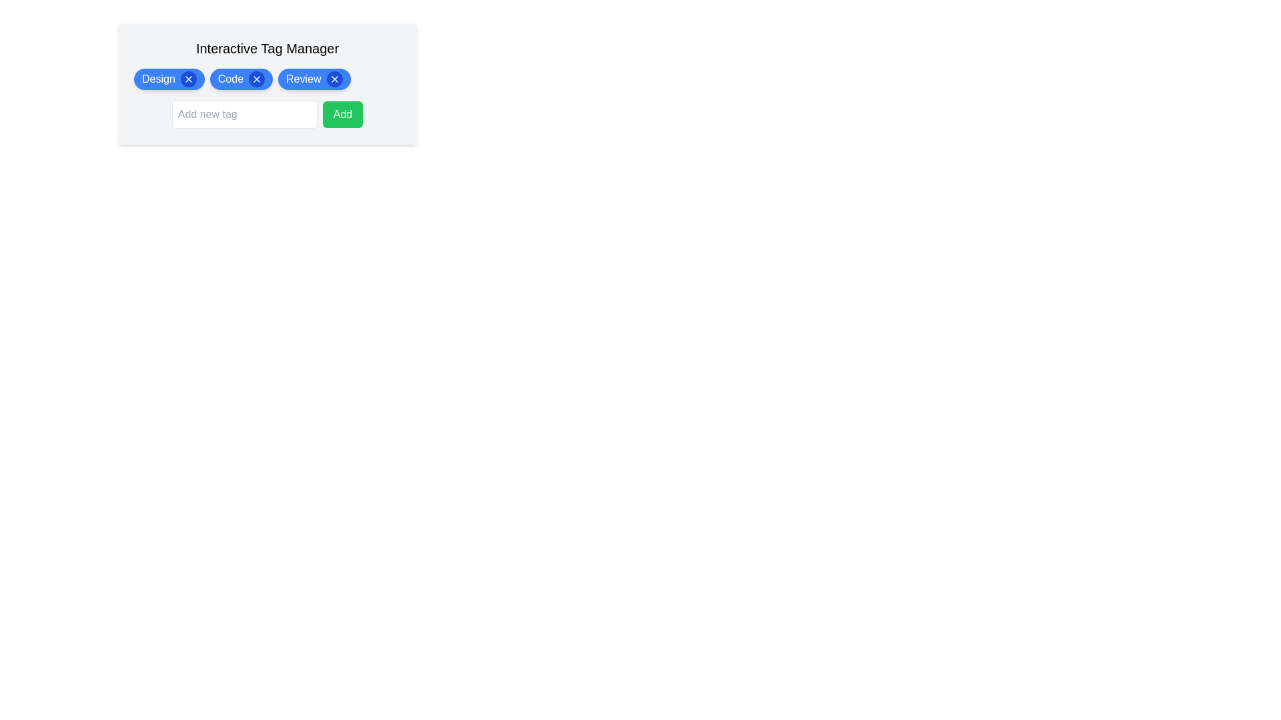  I want to click on the 'Review' label which is styled with a blue background and white text, positioned as the third tag in a horizontal group below 'Interactive Tag Manager', so click(303, 79).